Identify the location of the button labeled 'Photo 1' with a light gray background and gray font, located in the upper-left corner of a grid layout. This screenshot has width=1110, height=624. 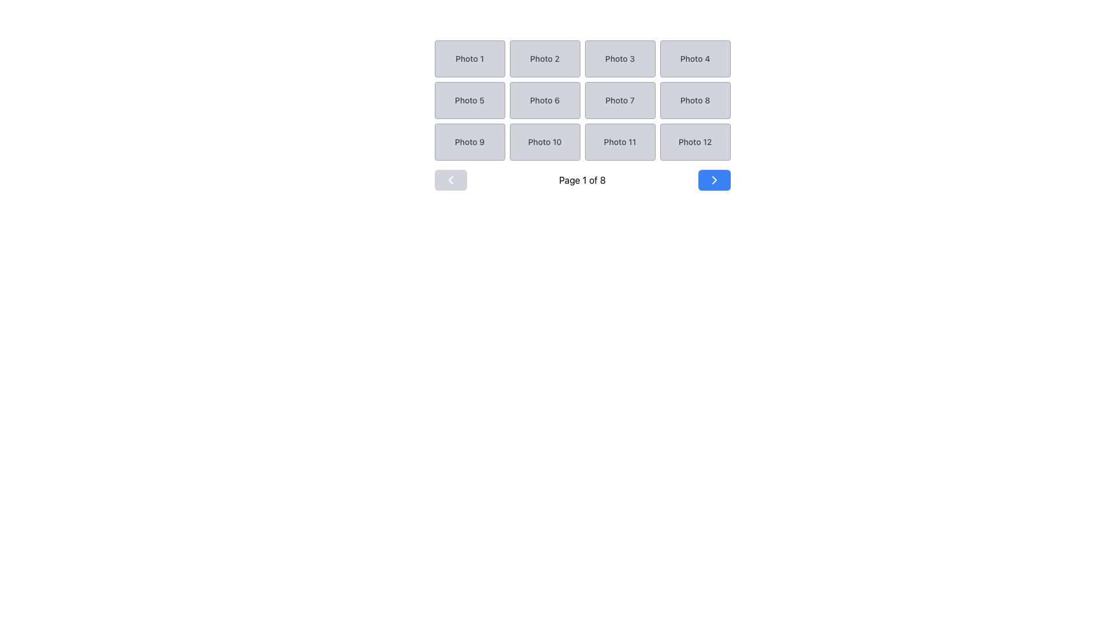
(469, 58).